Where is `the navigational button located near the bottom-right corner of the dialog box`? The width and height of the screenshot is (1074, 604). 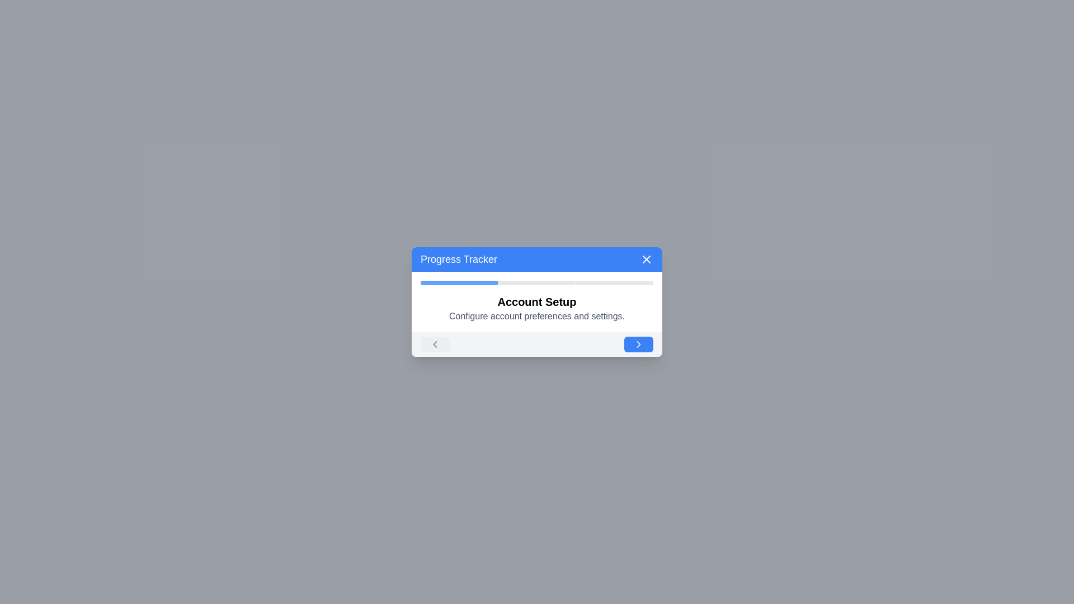
the navigational button located near the bottom-right corner of the dialog box is located at coordinates (639, 344).